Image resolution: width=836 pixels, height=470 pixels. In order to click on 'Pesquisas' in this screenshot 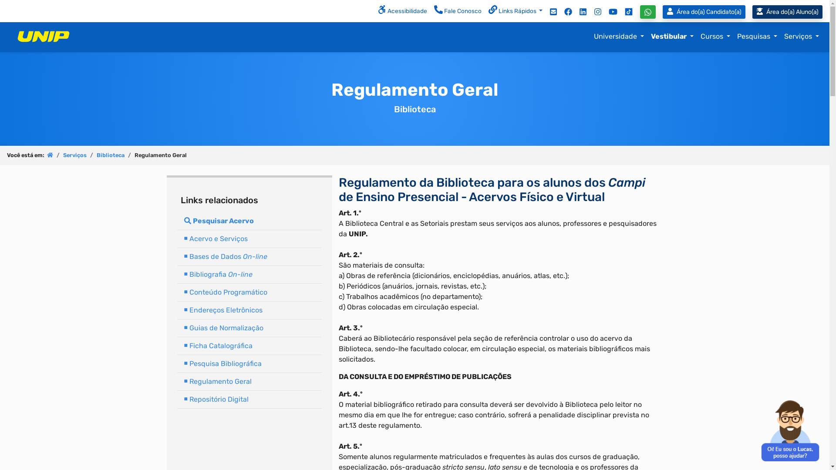, I will do `click(756, 36)`.